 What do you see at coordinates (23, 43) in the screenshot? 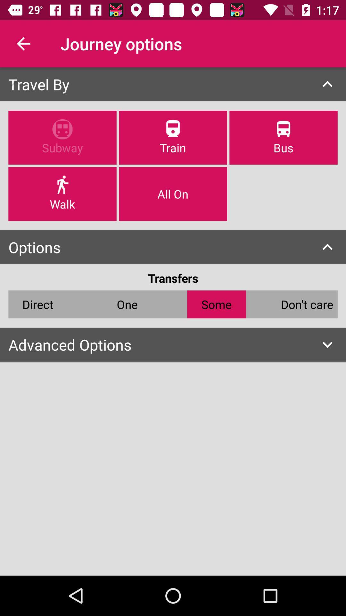
I see `the item next to journey options item` at bounding box center [23, 43].